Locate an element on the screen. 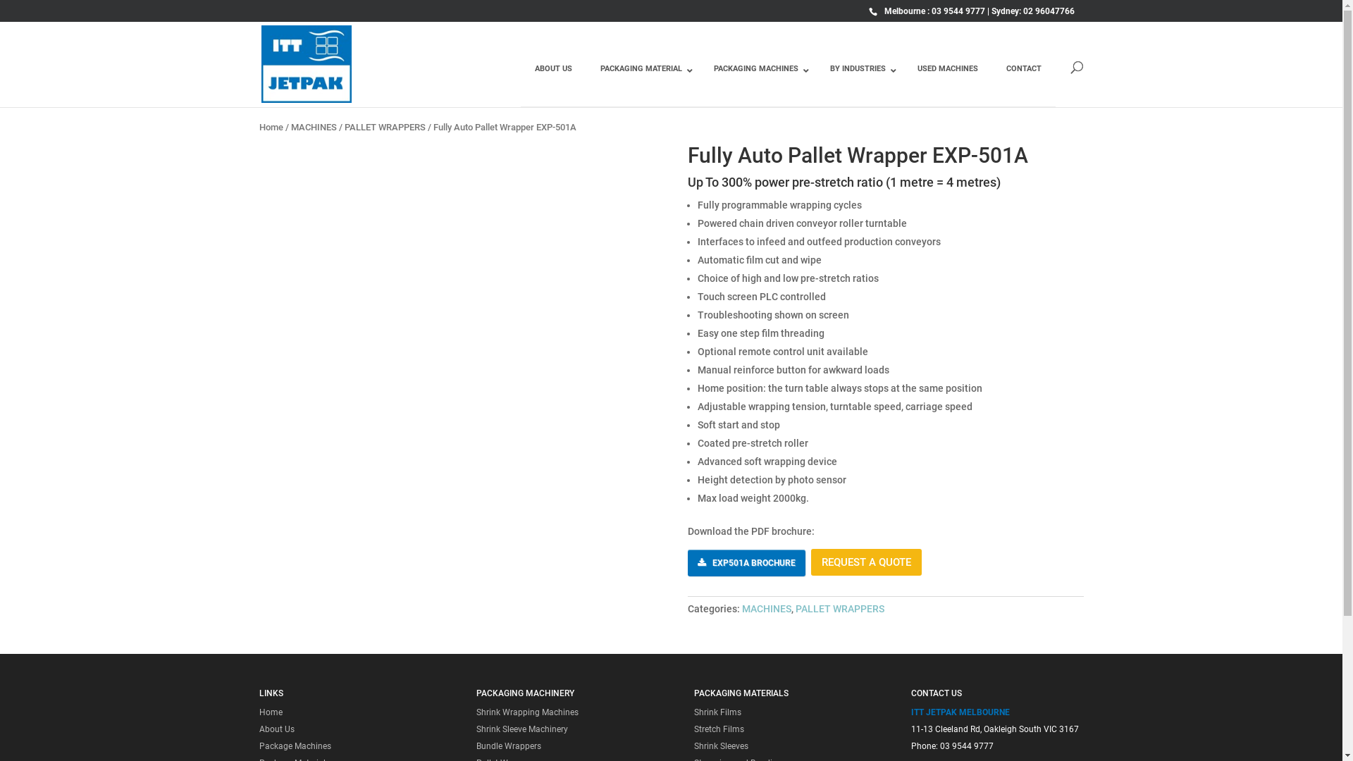 This screenshot has width=1353, height=761. 'MACHINES' is located at coordinates (766, 608).